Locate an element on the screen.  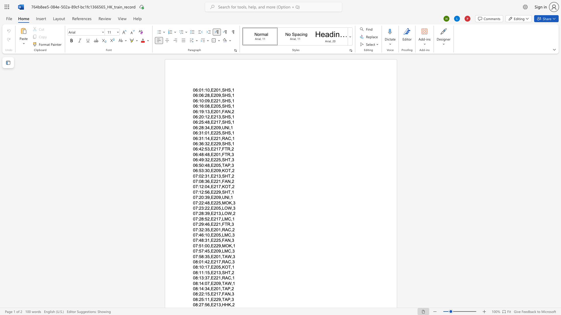
the subset text "E2" within the text "06:31:14,E221,RAC,1" is located at coordinates (210, 138).